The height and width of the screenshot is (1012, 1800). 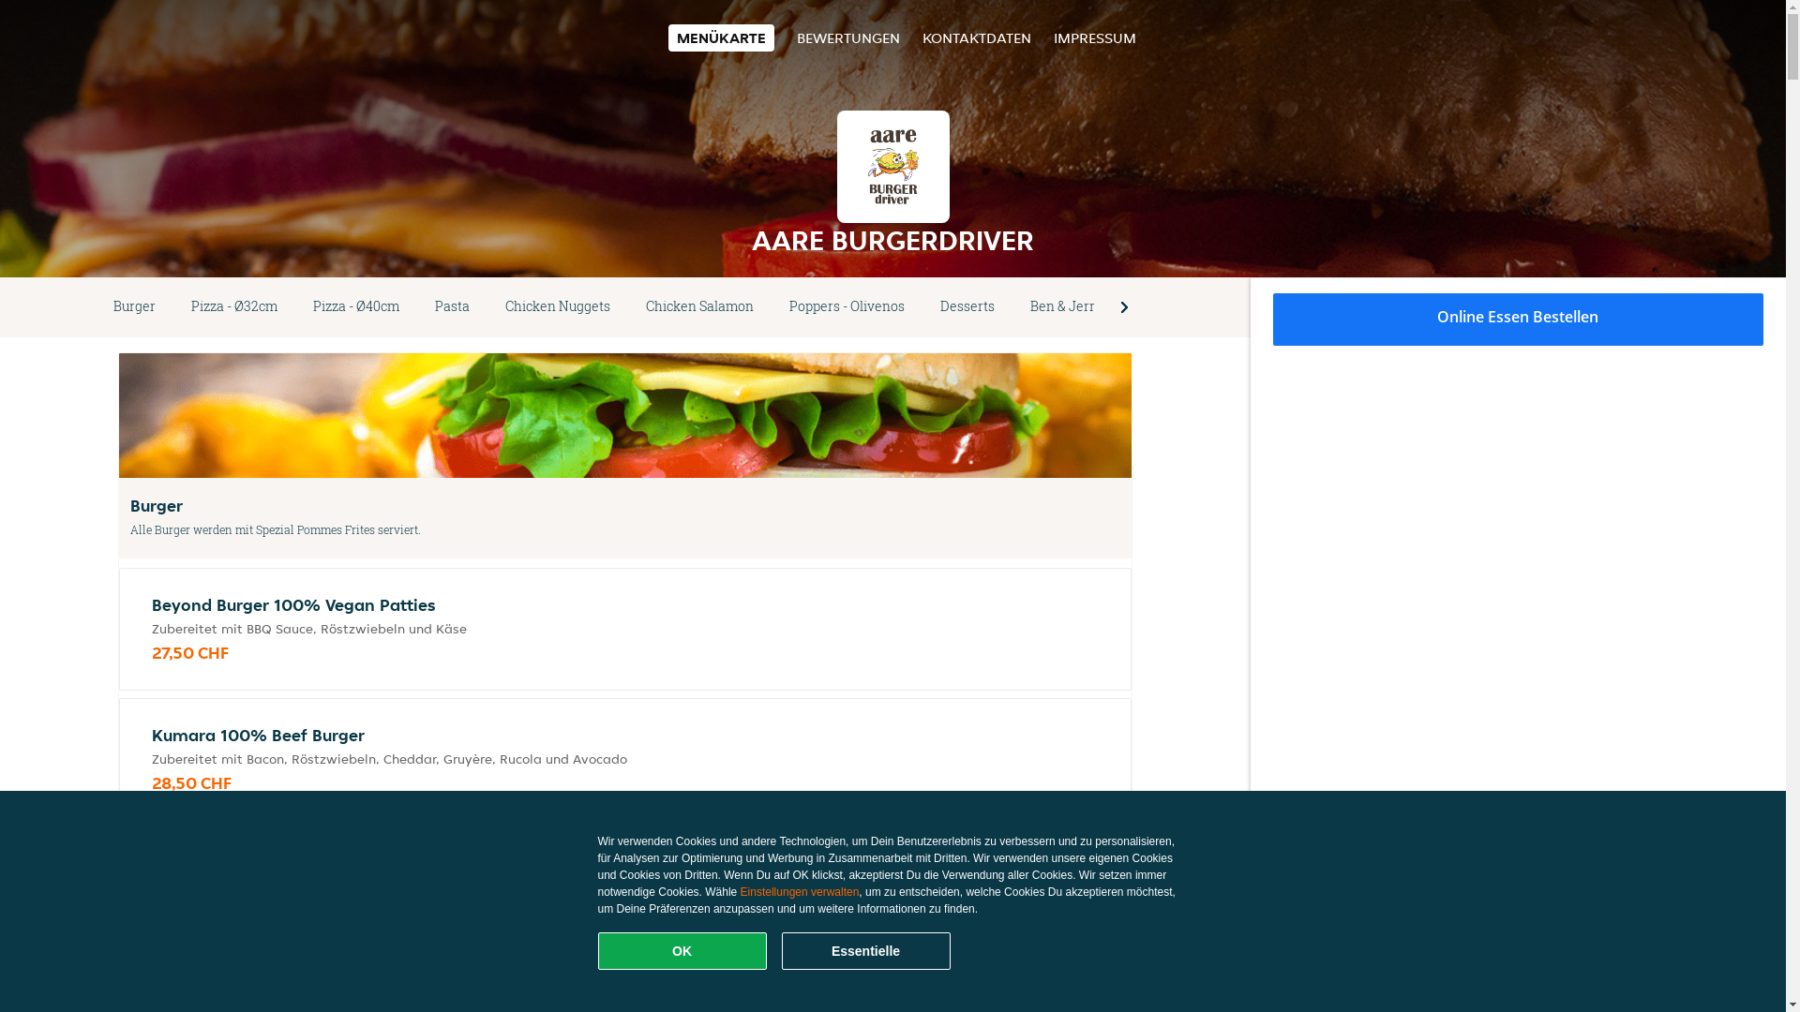 I want to click on 'IMPRESSUM', so click(x=1094, y=37).